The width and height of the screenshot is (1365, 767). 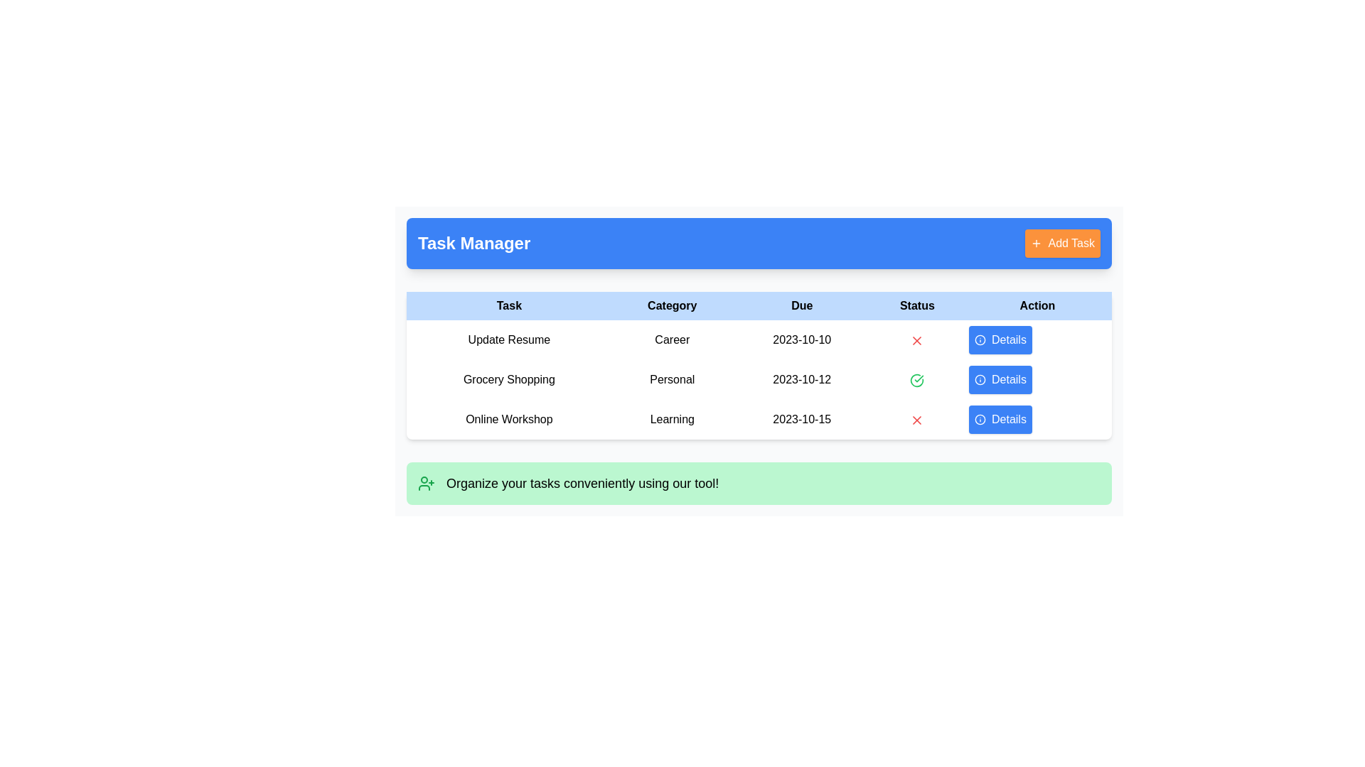 What do you see at coordinates (979, 339) in the screenshot?
I see `the SVG circle graphic element located at the top-right section of the interface, adjacent to the task adding control` at bounding box center [979, 339].